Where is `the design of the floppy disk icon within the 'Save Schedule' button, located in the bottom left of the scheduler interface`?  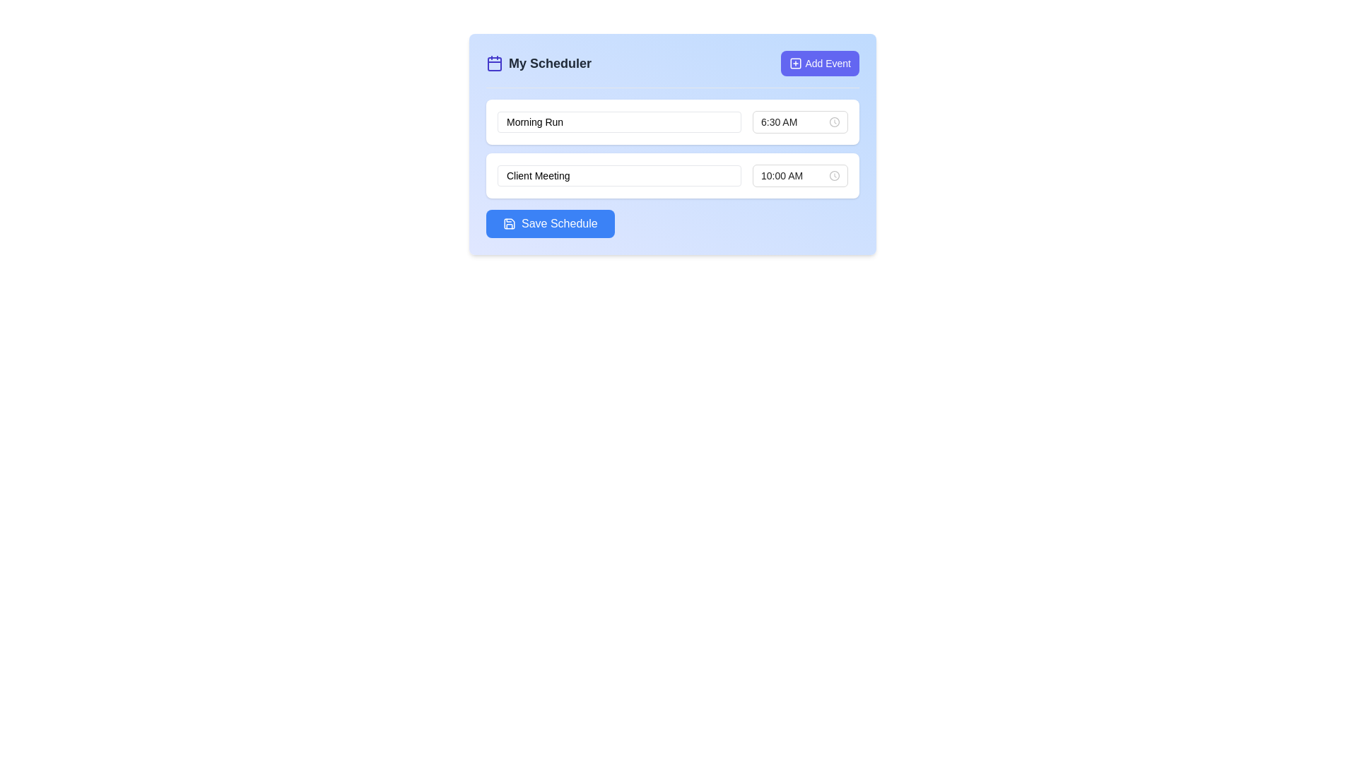 the design of the floppy disk icon within the 'Save Schedule' button, located in the bottom left of the scheduler interface is located at coordinates (509, 223).